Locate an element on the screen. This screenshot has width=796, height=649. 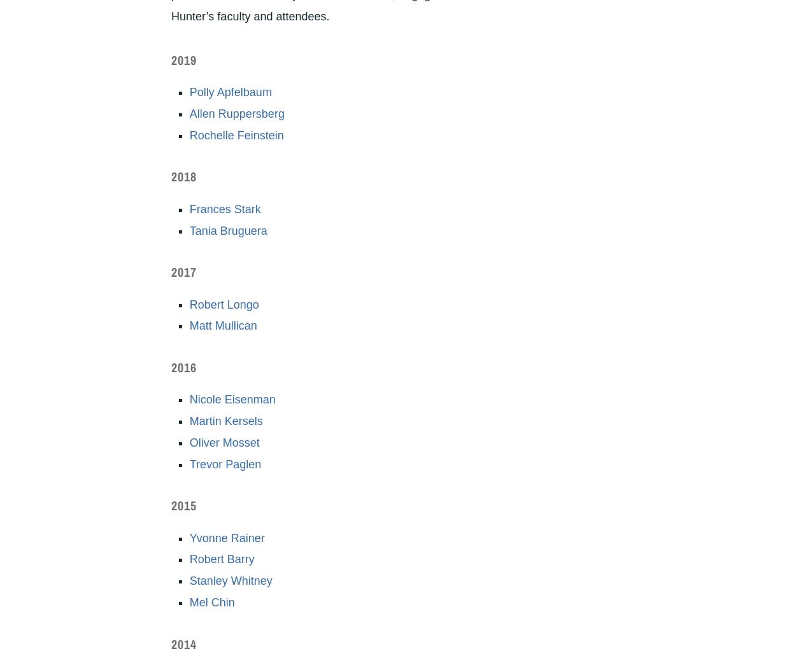
'Tania Bruguera' is located at coordinates (189, 229).